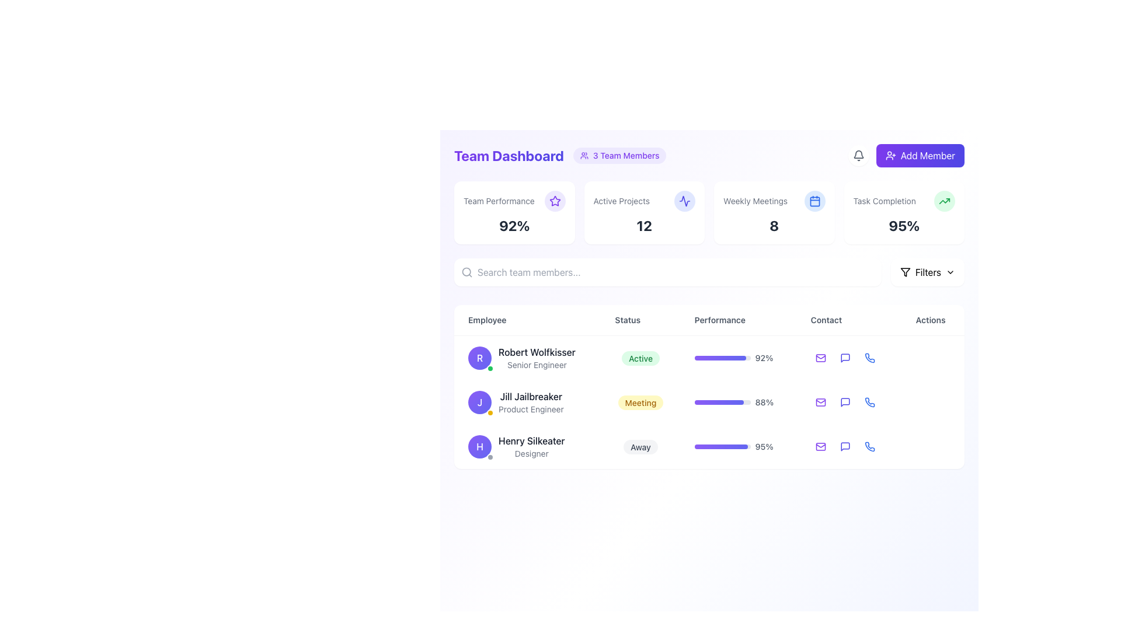 This screenshot has height=630, width=1121. I want to click on the Icon button for messaging associated with user Jill Jailbreaker in the team dashboard table, located in the 'Contact' column of the second row, so click(845, 402).